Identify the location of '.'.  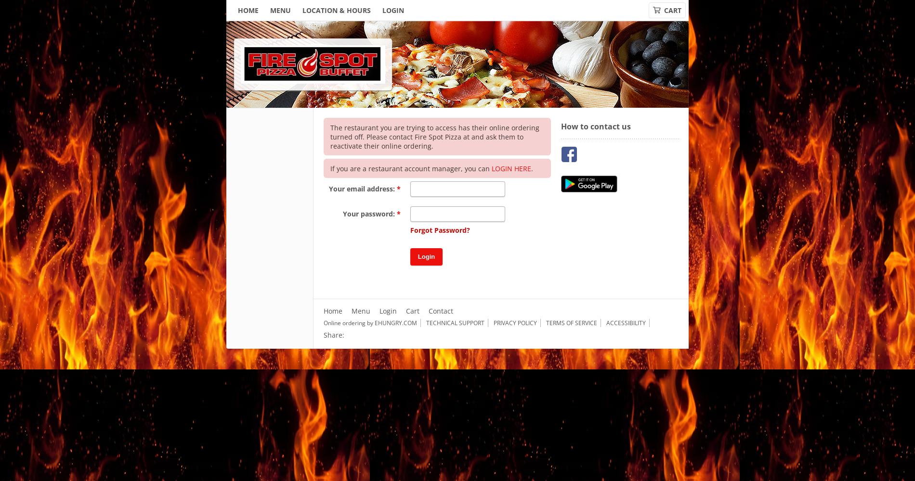
(531, 167).